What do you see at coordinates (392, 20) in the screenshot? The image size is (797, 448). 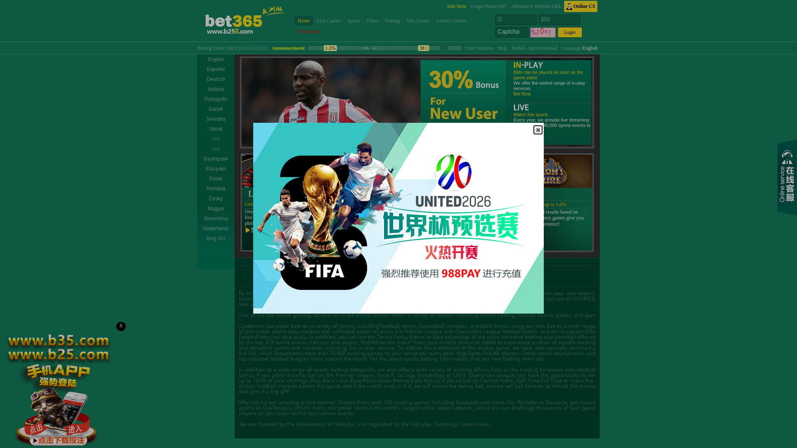 I see `'Fishing'` at bounding box center [392, 20].